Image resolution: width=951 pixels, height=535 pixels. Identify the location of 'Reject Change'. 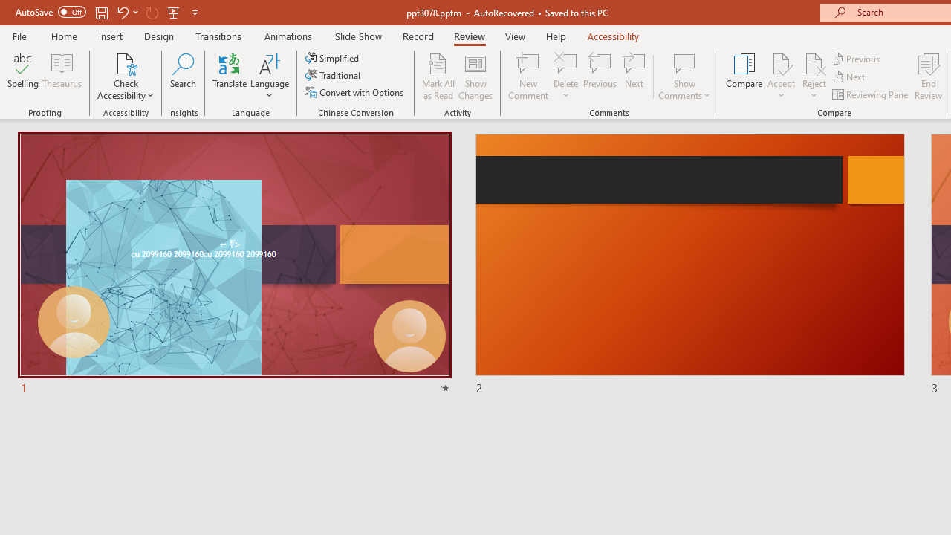
(814, 62).